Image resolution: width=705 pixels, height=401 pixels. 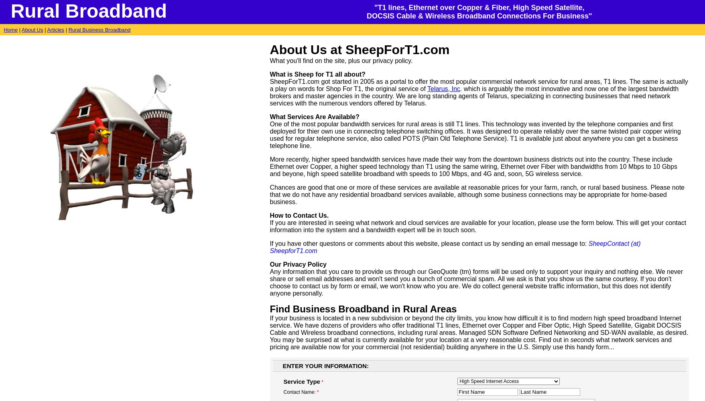 I want to click on 'Chances are good that one or more of these services are available at reasonable prices for your farm, ranch, or rural based business. Please note that we do not have any residential broadband services available, although some business connections may be appropriate for home-based business.', so click(x=476, y=194).